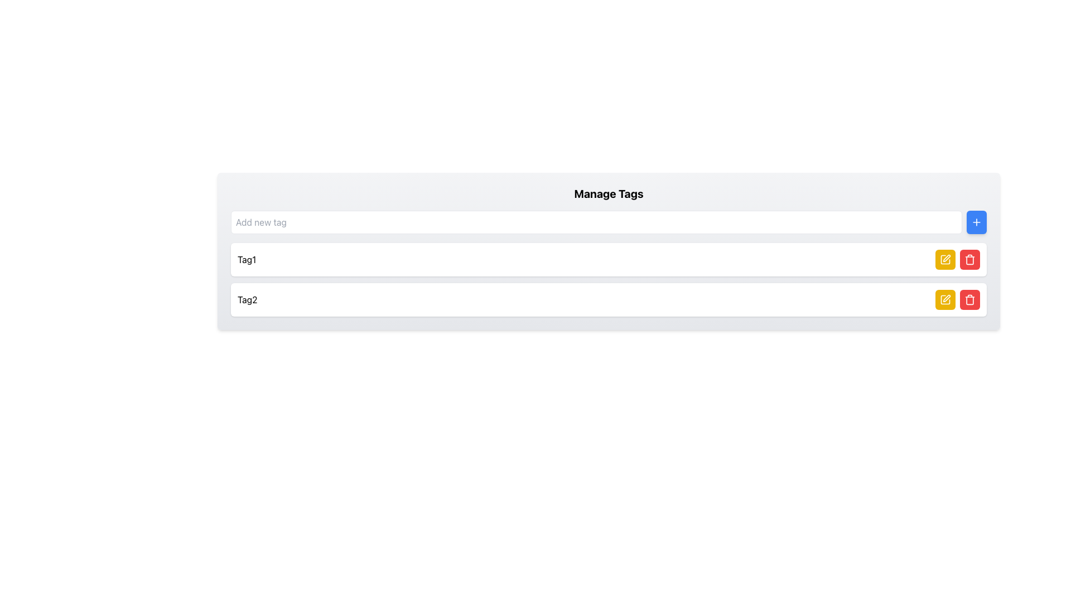  I want to click on the 'Add new tag' button located to the right of the text input field, so click(976, 222).